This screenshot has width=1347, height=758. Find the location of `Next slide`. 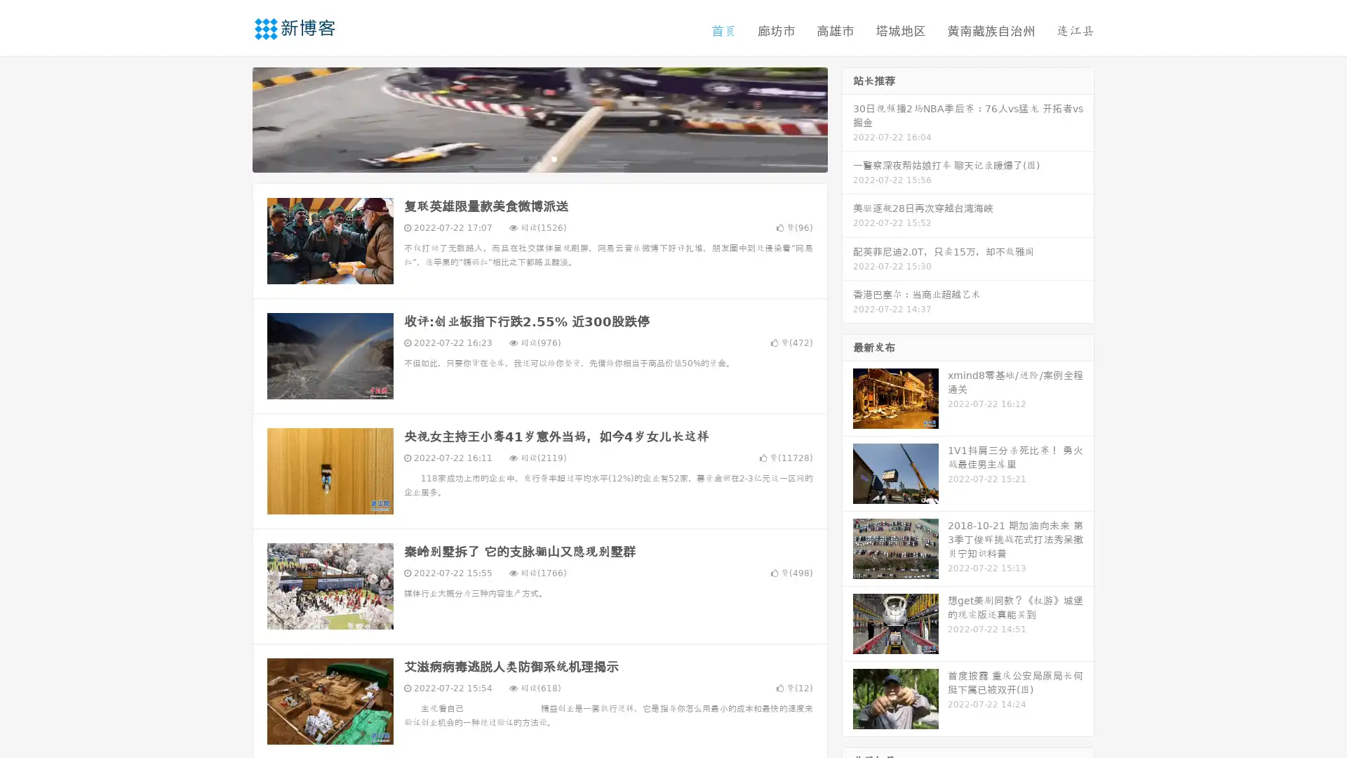

Next slide is located at coordinates (847, 118).